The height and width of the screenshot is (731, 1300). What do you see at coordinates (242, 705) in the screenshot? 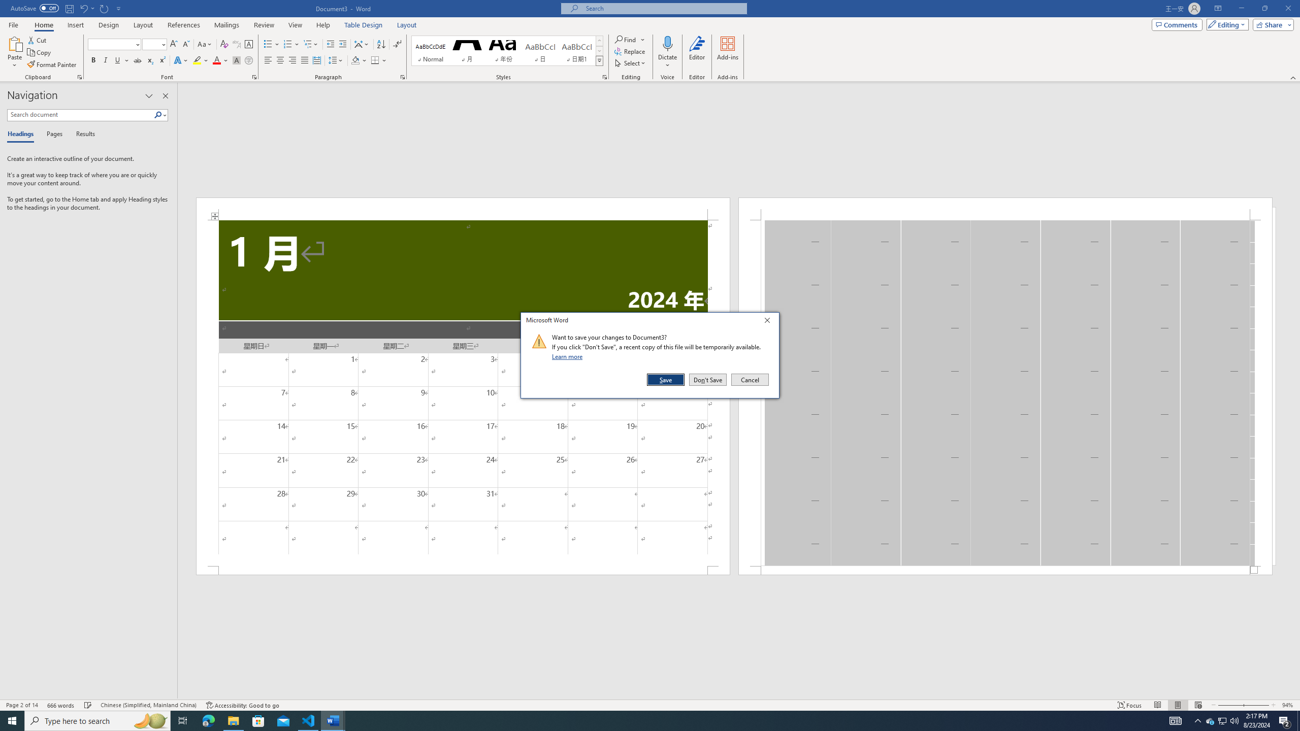
I see `'Accessibility Checker Accessibility: Good to go'` at bounding box center [242, 705].